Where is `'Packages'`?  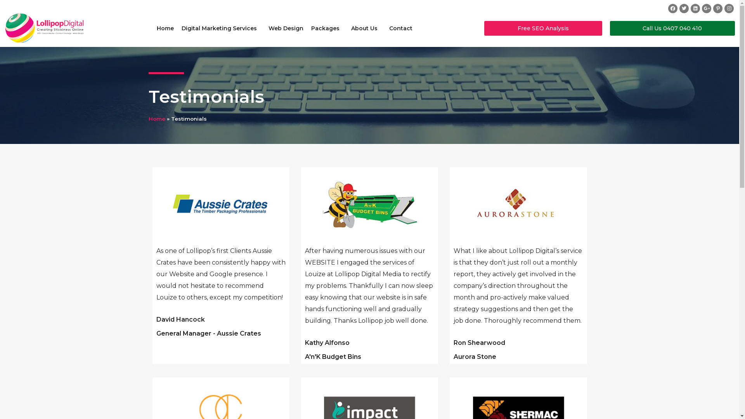
'Packages' is located at coordinates (327, 28).